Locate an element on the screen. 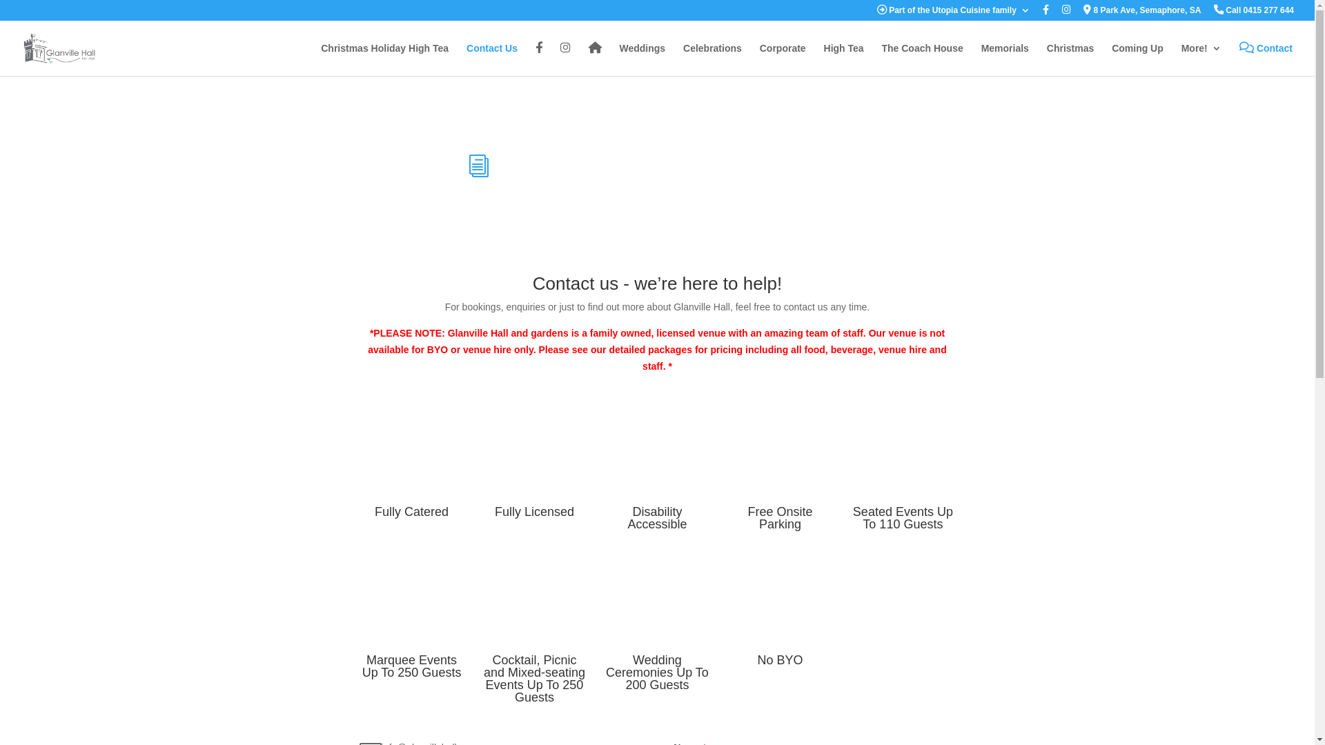 The image size is (1325, 745). 'Part of the Utopia Cuisine family' is located at coordinates (953, 13).